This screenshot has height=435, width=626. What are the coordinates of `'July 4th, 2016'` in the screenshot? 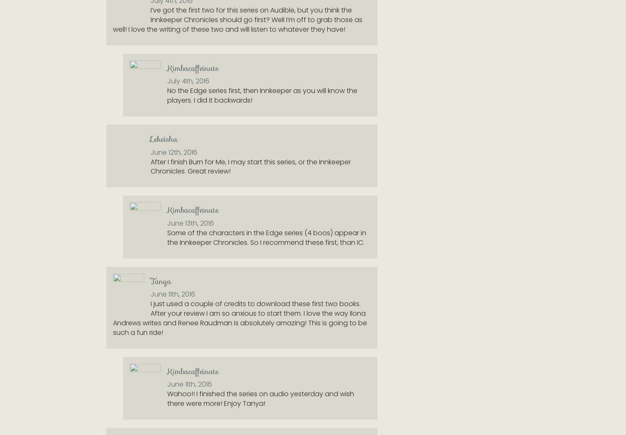 It's located at (188, 80).